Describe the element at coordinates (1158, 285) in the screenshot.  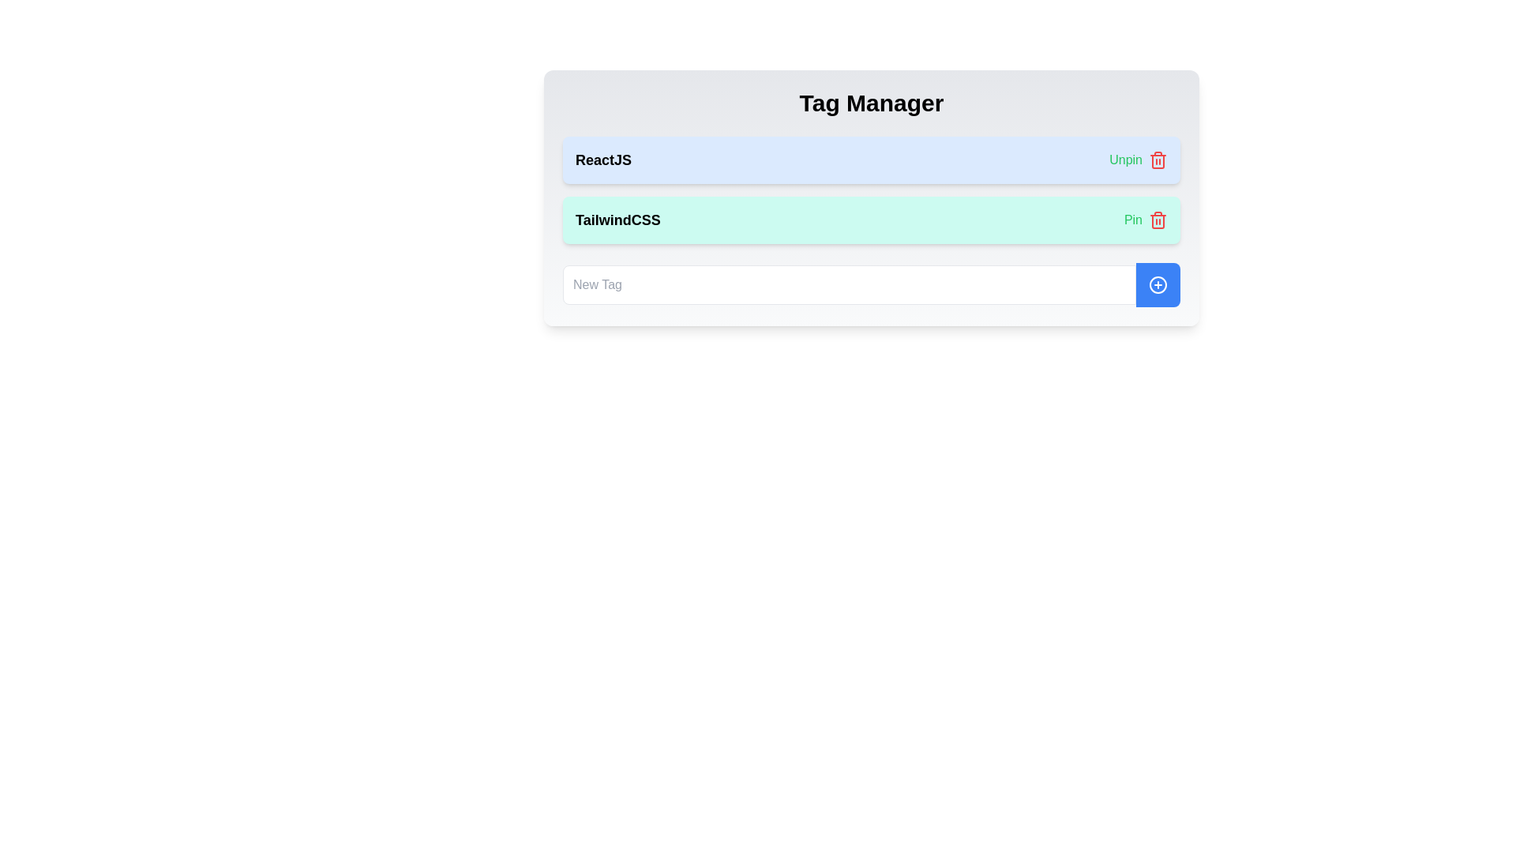
I see `the blue, rounded rectangle button located at the bottom-right of the interface` at that location.